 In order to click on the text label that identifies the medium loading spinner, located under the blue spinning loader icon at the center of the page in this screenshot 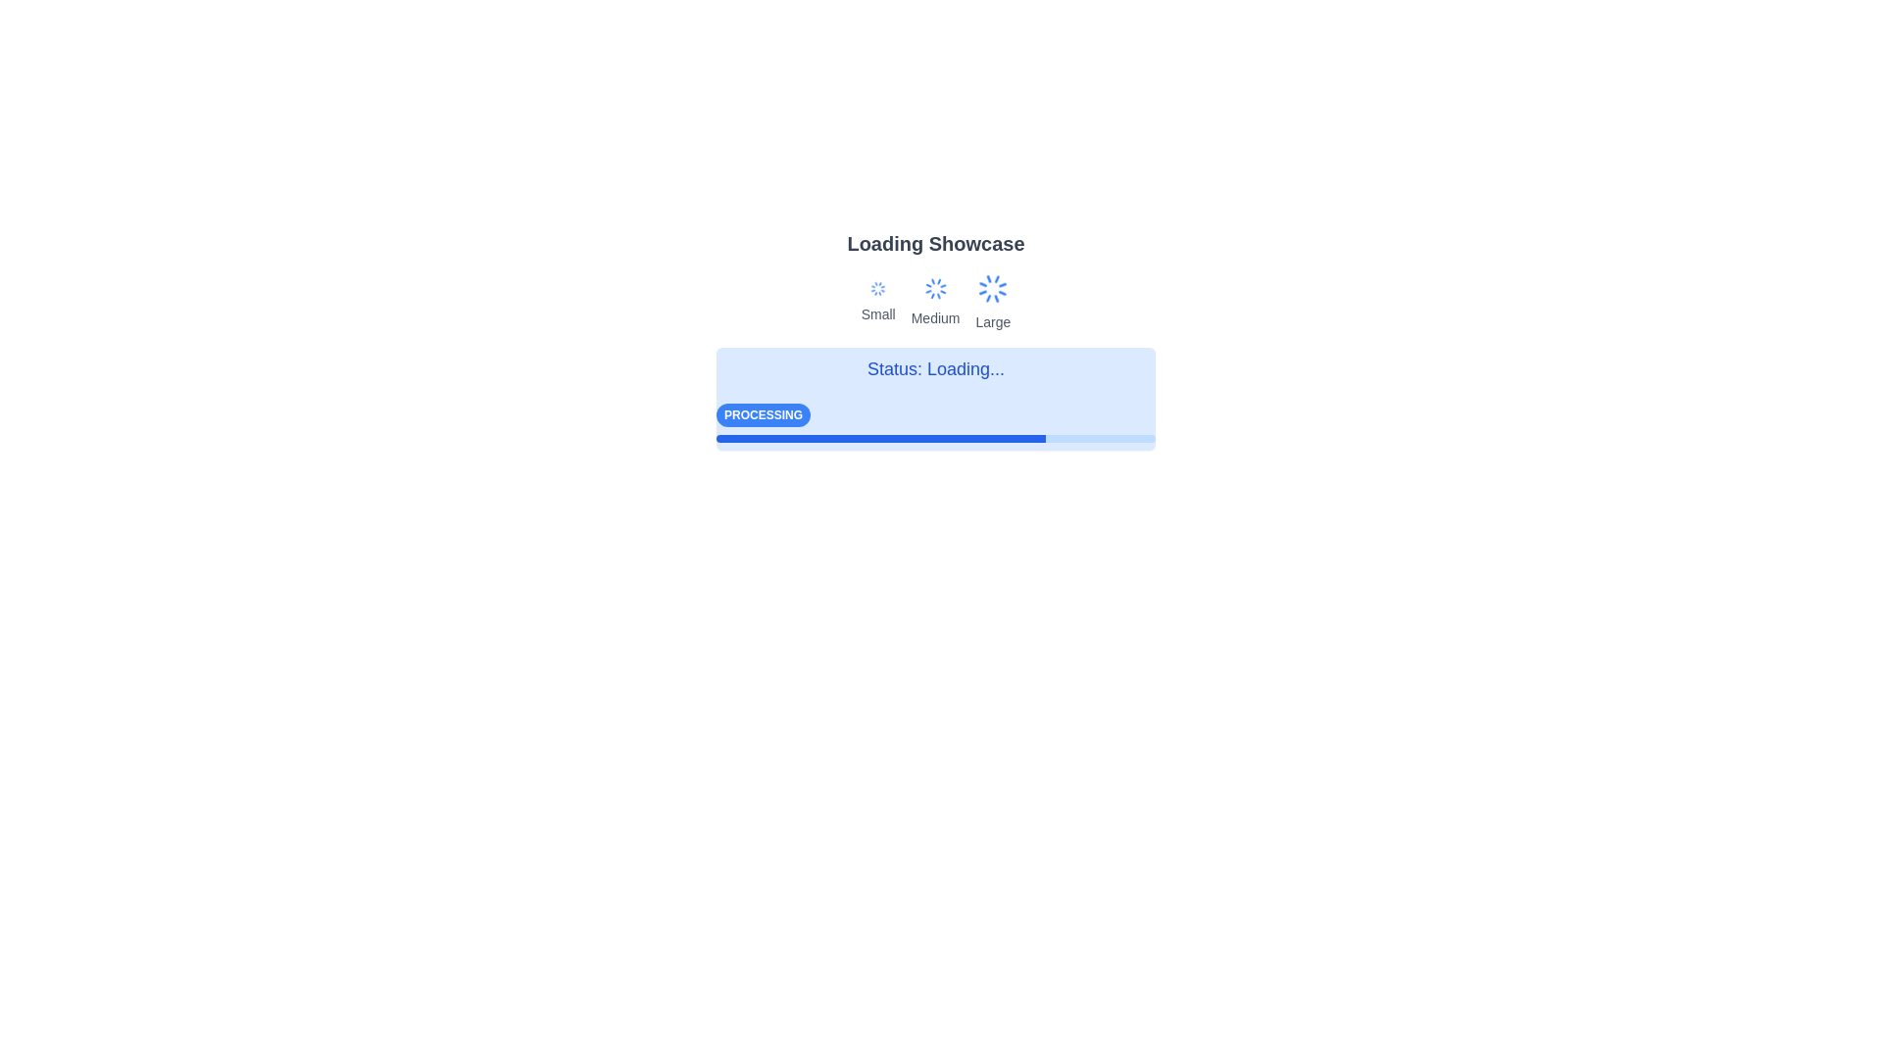, I will do `click(934, 316)`.